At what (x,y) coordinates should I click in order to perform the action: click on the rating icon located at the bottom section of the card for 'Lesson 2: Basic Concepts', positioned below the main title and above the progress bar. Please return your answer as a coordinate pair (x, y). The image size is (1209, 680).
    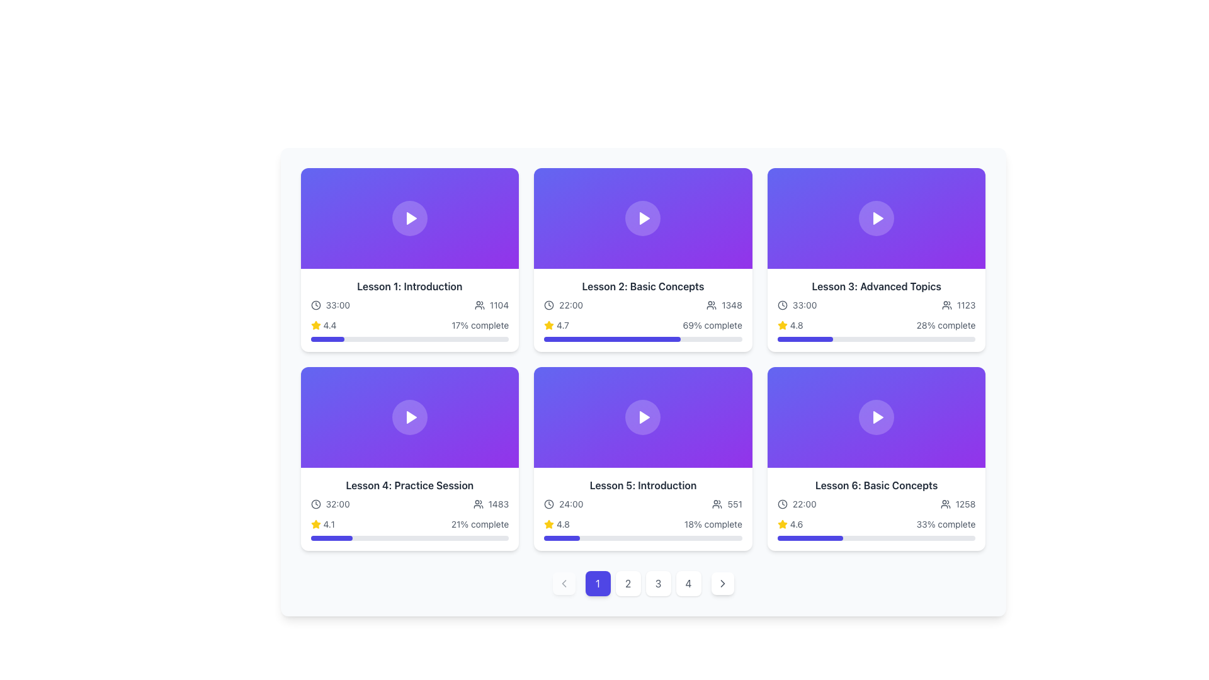
    Looking at the image, I should click on (781, 324).